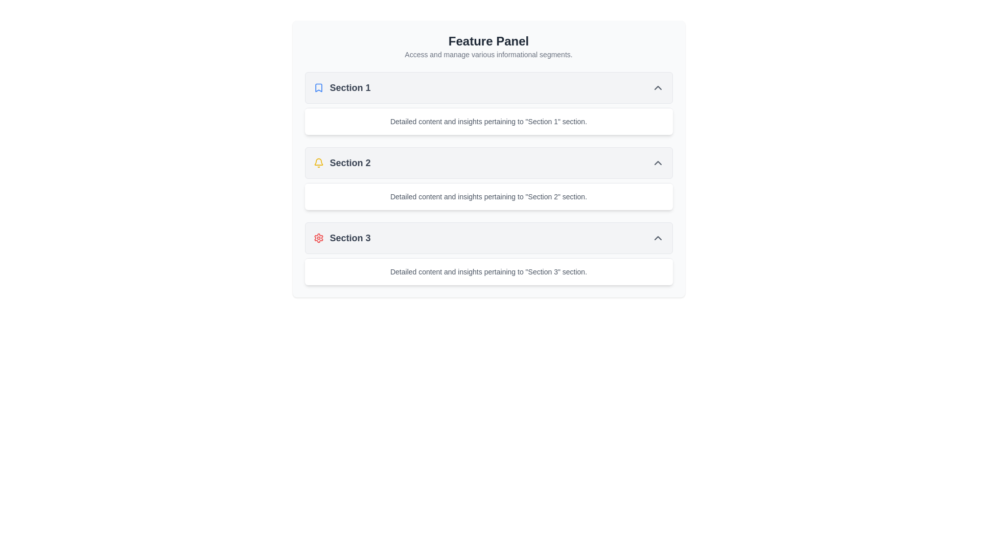  What do you see at coordinates (488, 121) in the screenshot?
I see `the descriptive text block styled with gray color and small font size that displays 'Detailed content and insights pertaining to "Section 1" section.' located beneath the heading 'Section 1' in the top-center of the interface` at bounding box center [488, 121].